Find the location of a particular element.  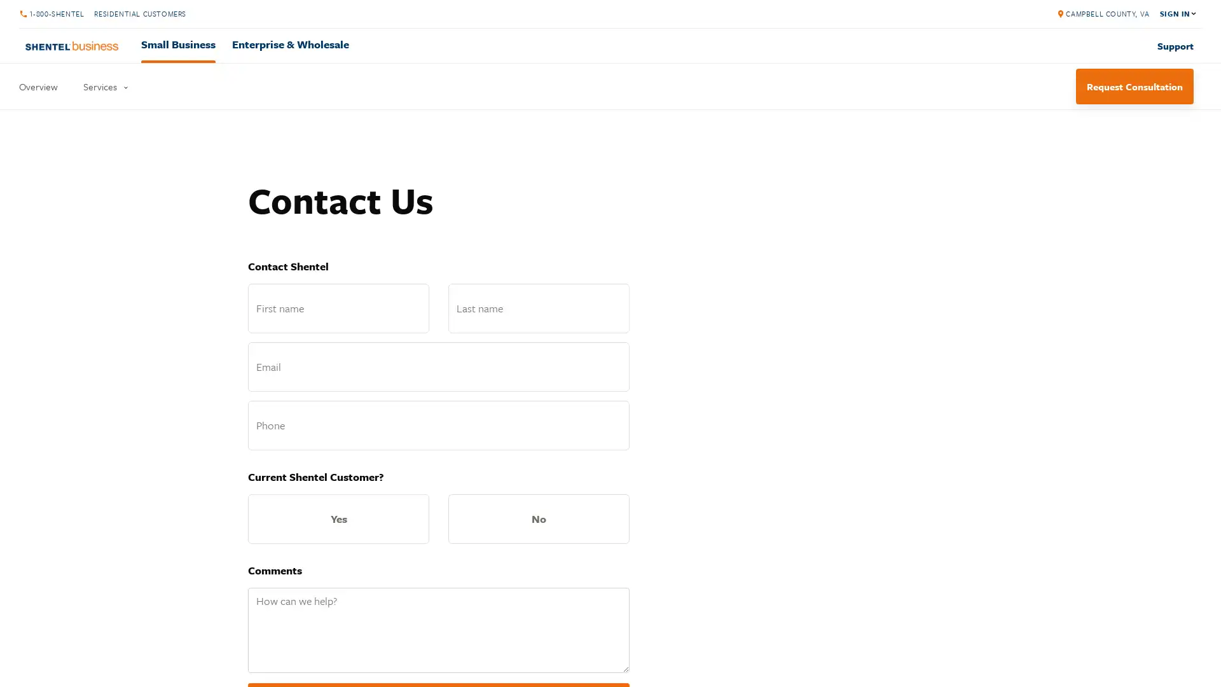

Request Consultation is located at coordinates (1135, 86).